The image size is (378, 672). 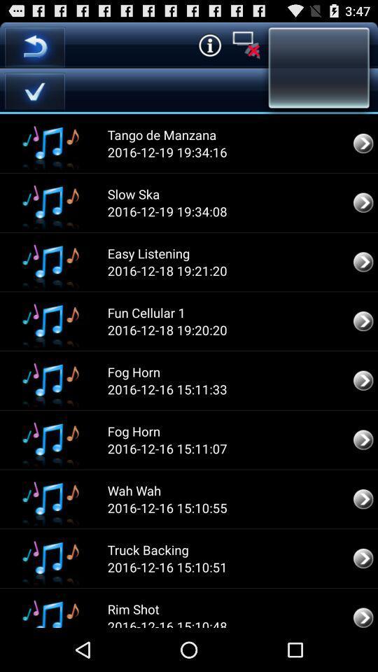 What do you see at coordinates (35, 50) in the screenshot?
I see `the undo icon` at bounding box center [35, 50].